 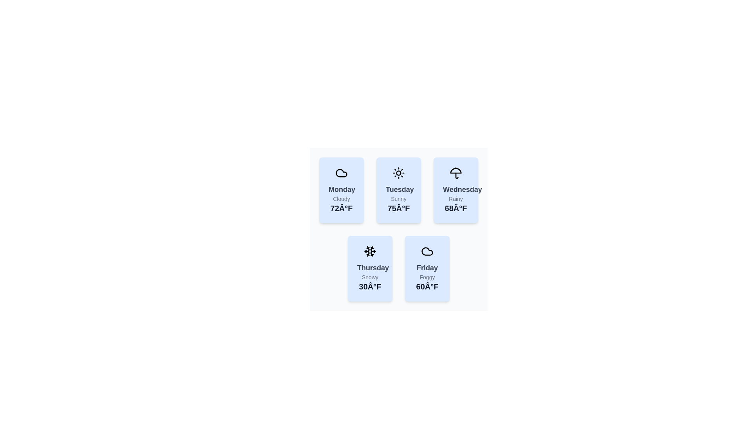 What do you see at coordinates (370, 267) in the screenshot?
I see `the textual label displaying 'Thursday' in bold gray font, which is part of a weather card positioned above the weather description 'Snowy'` at bounding box center [370, 267].